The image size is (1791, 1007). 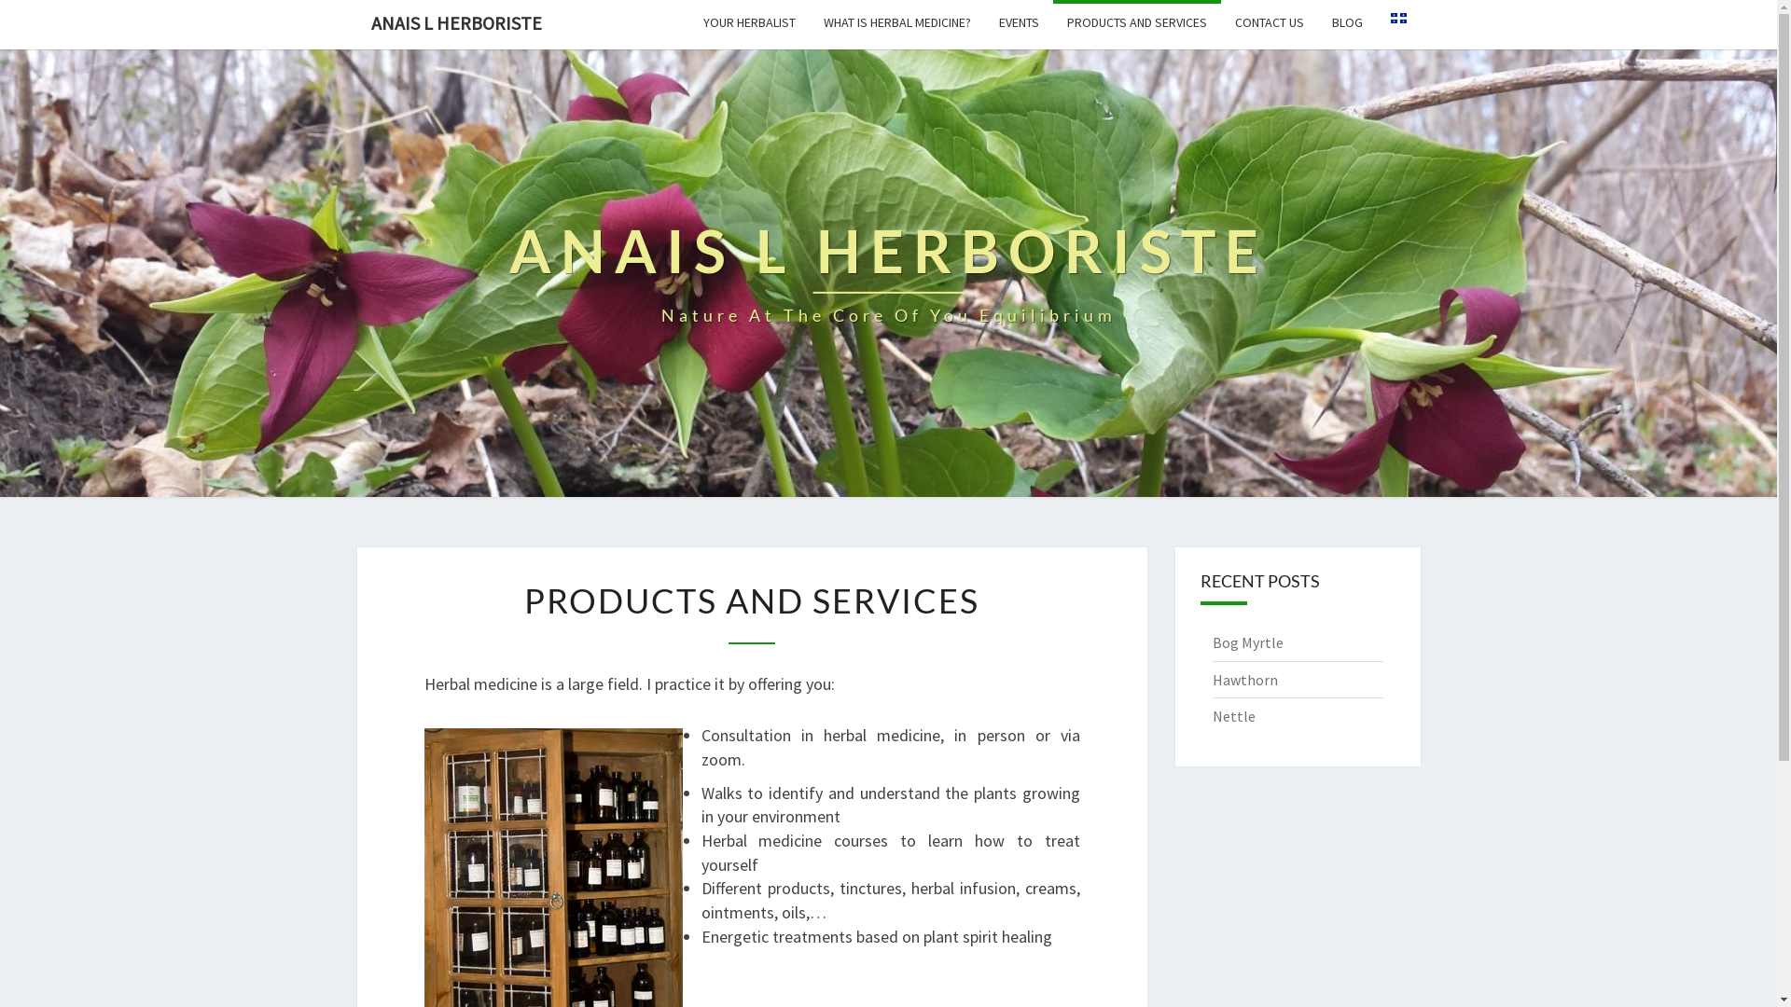 What do you see at coordinates (1135, 21) in the screenshot?
I see `'PRODUCTS AND SERVICES'` at bounding box center [1135, 21].